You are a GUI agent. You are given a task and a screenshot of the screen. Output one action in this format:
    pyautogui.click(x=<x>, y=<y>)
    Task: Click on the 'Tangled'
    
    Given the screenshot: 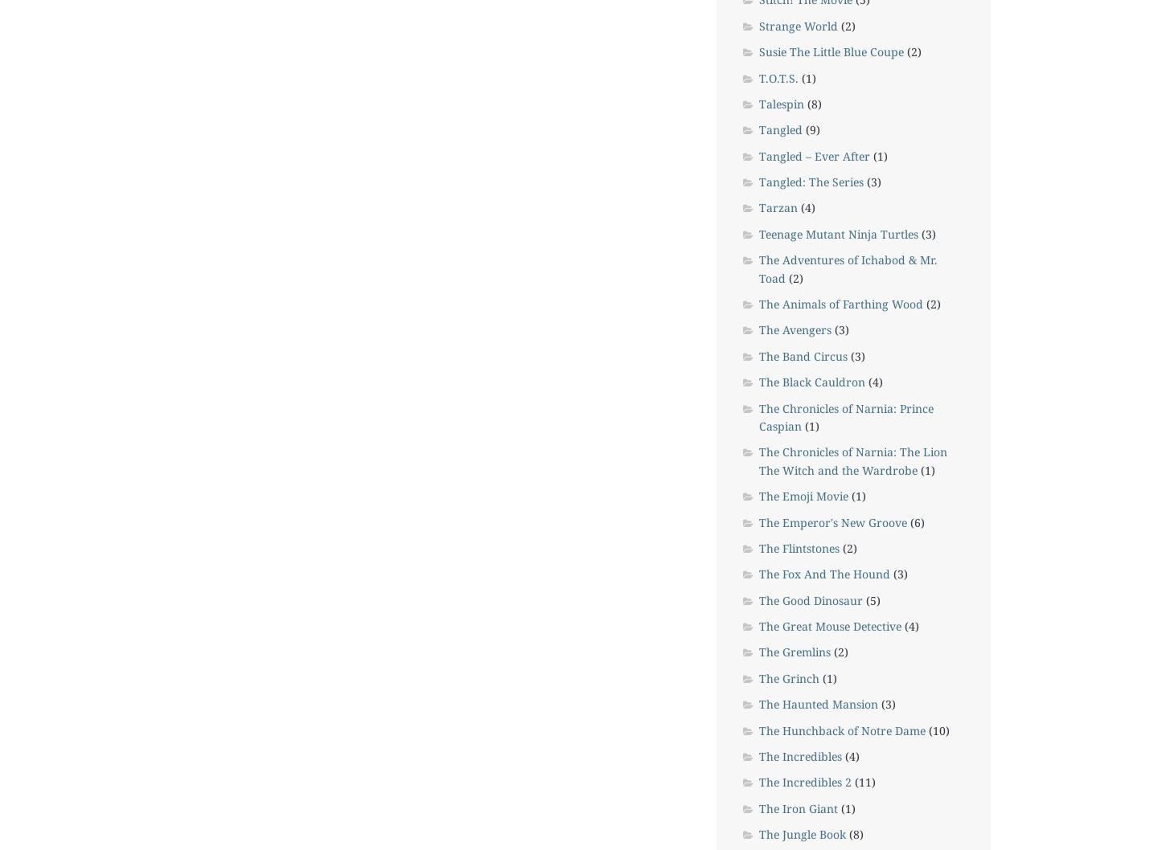 What is the action you would take?
    pyautogui.click(x=778, y=129)
    